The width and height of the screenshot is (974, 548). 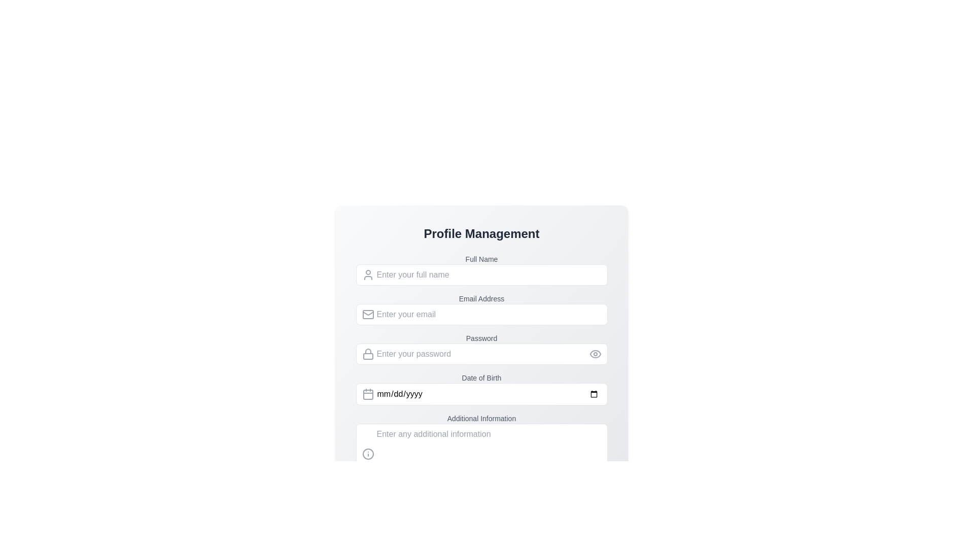 What do you see at coordinates (481, 383) in the screenshot?
I see `a date using the calendar picker adjacent to the Text input field for date of birth located in the fourth position of the form, below the 'Password' section` at bounding box center [481, 383].